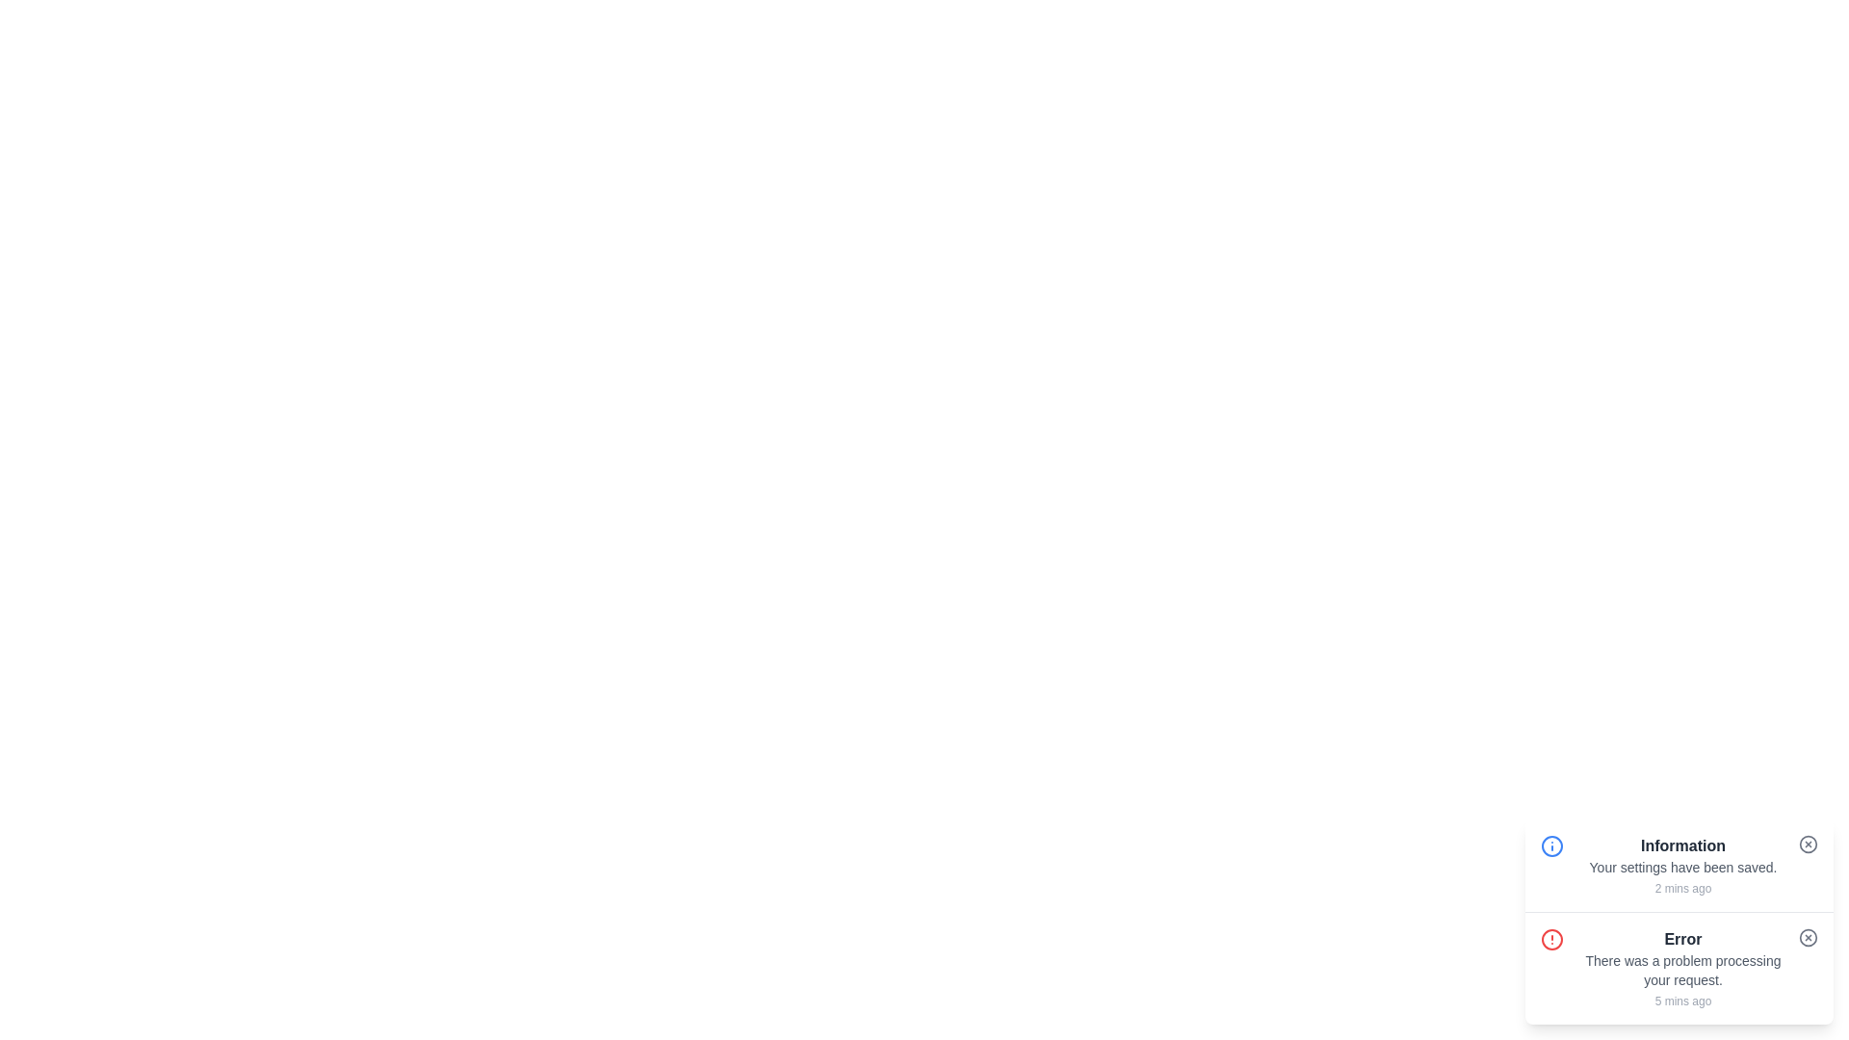 The image size is (1849, 1040). Describe the element at coordinates (1807, 843) in the screenshot. I see `the close button of the snackbar` at that location.